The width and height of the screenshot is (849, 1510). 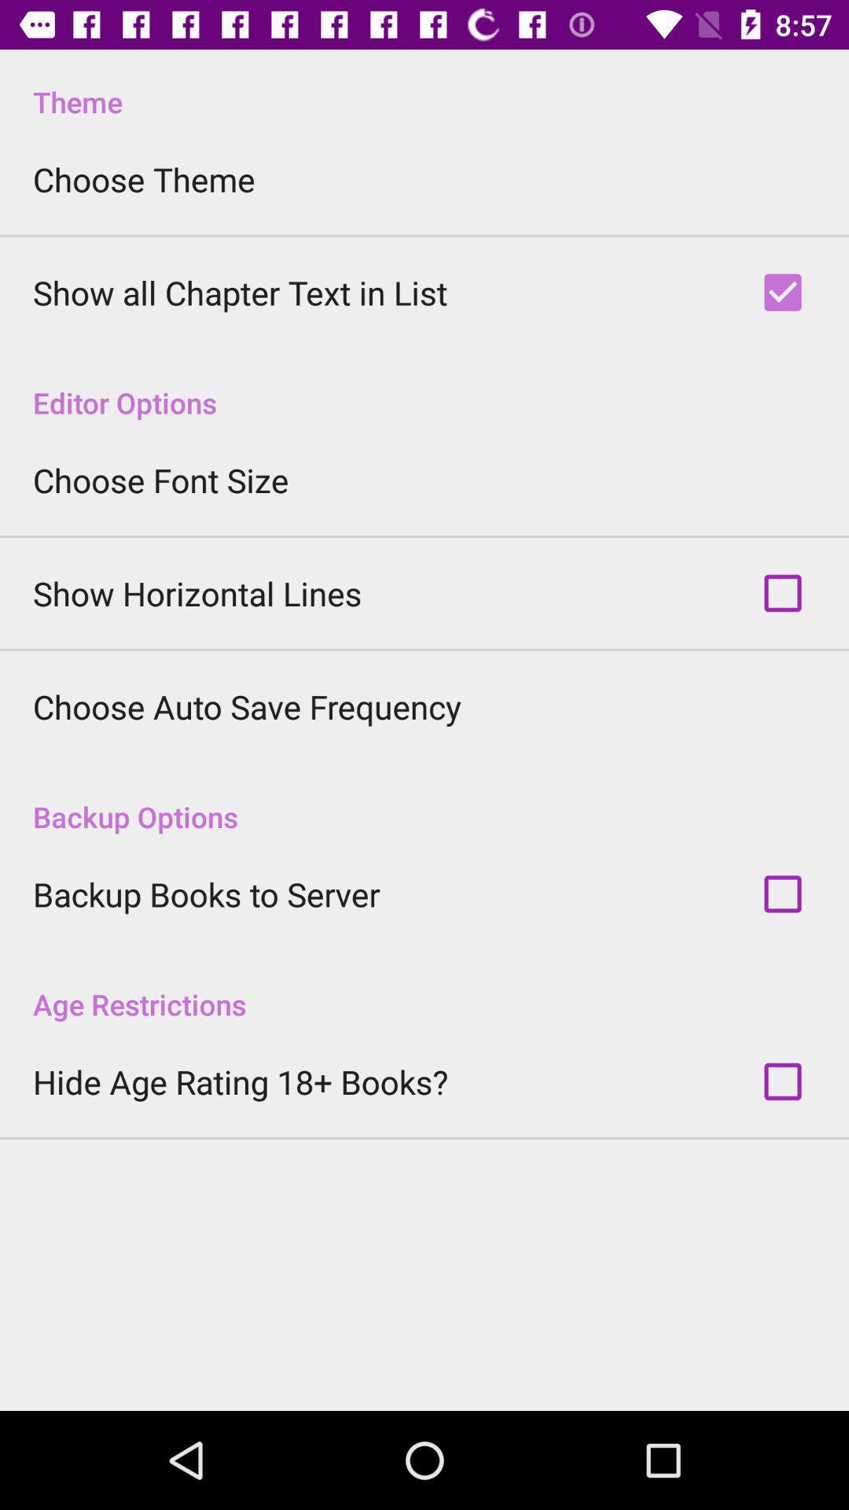 I want to click on choose theme app, so click(x=144, y=179).